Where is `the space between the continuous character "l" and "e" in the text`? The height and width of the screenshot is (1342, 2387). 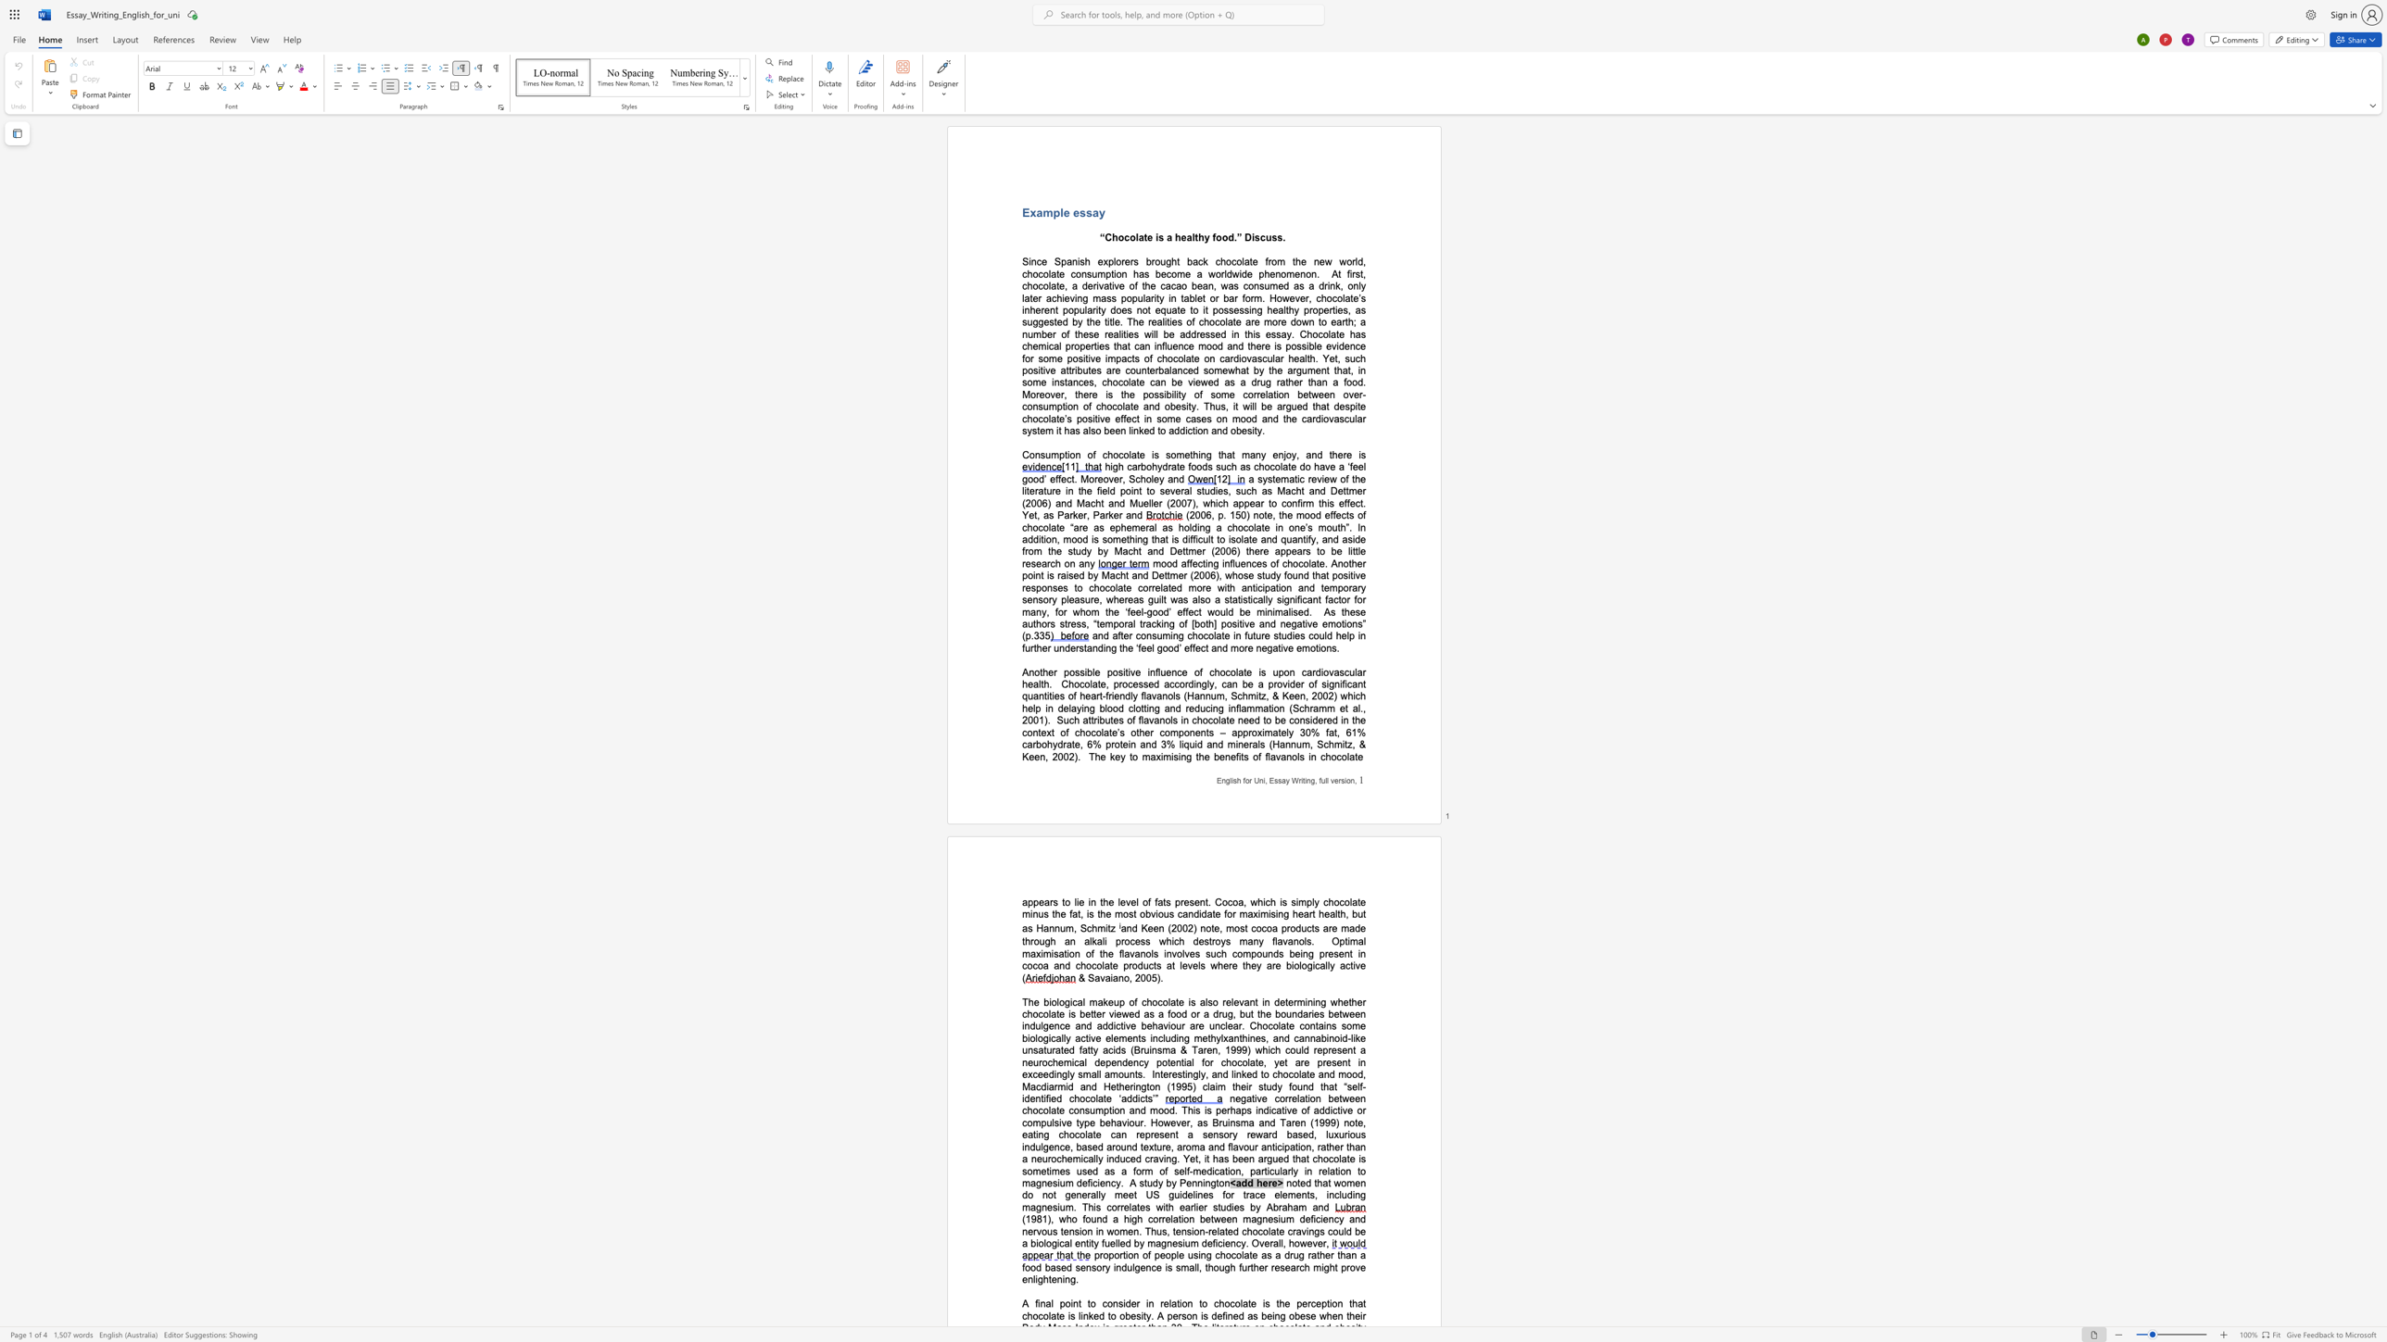
the space between the continuous character "l" and "e" in the text is located at coordinates (1094, 671).